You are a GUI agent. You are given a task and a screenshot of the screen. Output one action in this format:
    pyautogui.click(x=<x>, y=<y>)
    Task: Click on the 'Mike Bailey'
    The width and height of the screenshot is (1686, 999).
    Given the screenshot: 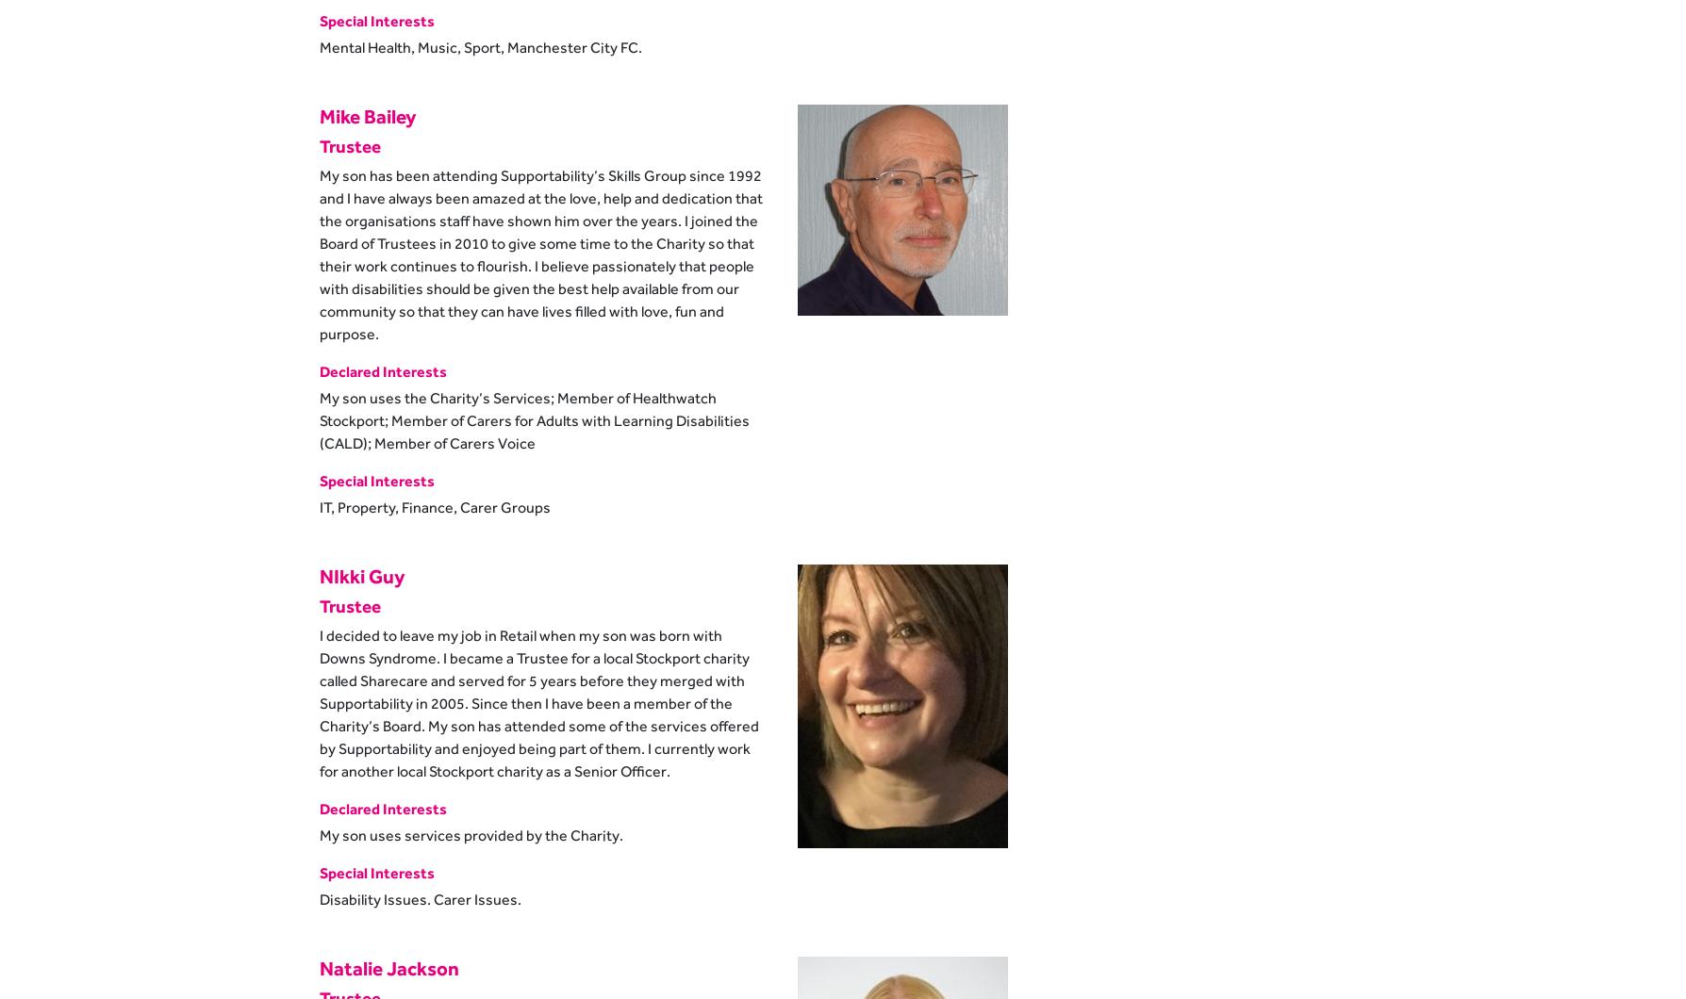 What is the action you would take?
    pyautogui.click(x=367, y=115)
    